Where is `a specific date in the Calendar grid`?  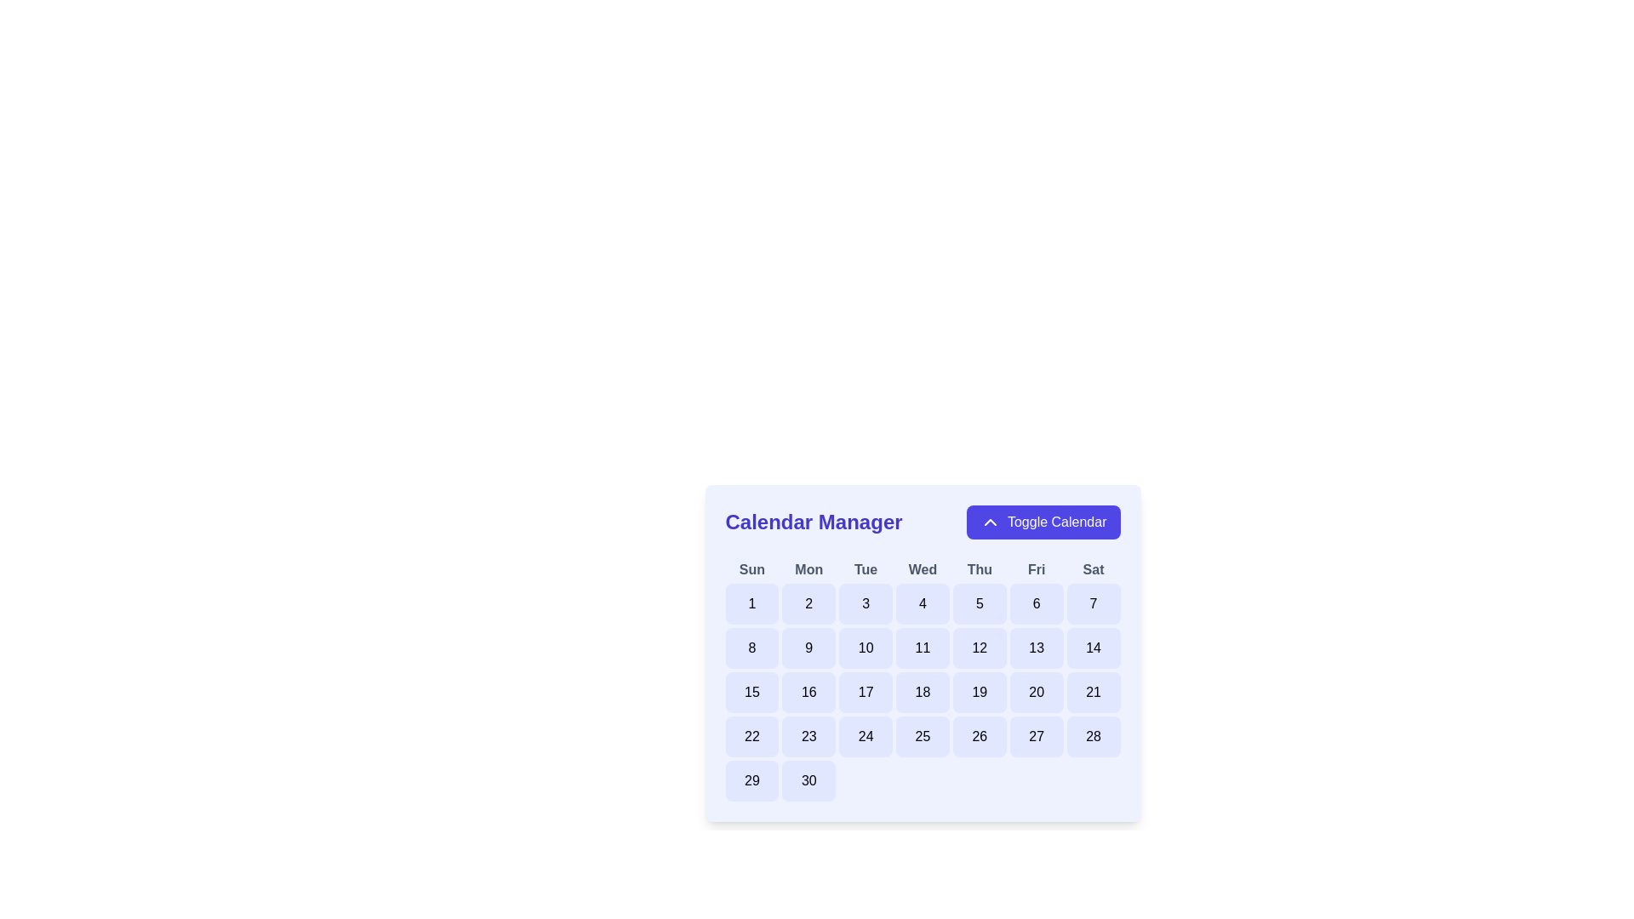 a specific date in the Calendar grid is located at coordinates (922, 679).